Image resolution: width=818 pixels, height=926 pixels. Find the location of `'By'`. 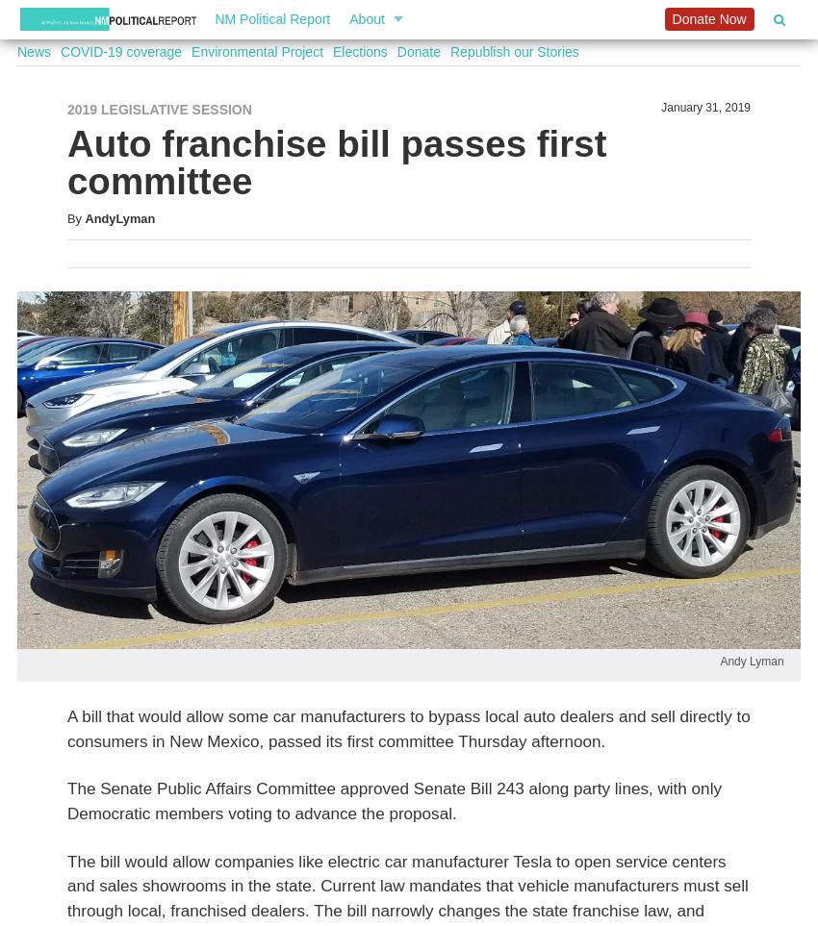

'By' is located at coordinates (73, 218).